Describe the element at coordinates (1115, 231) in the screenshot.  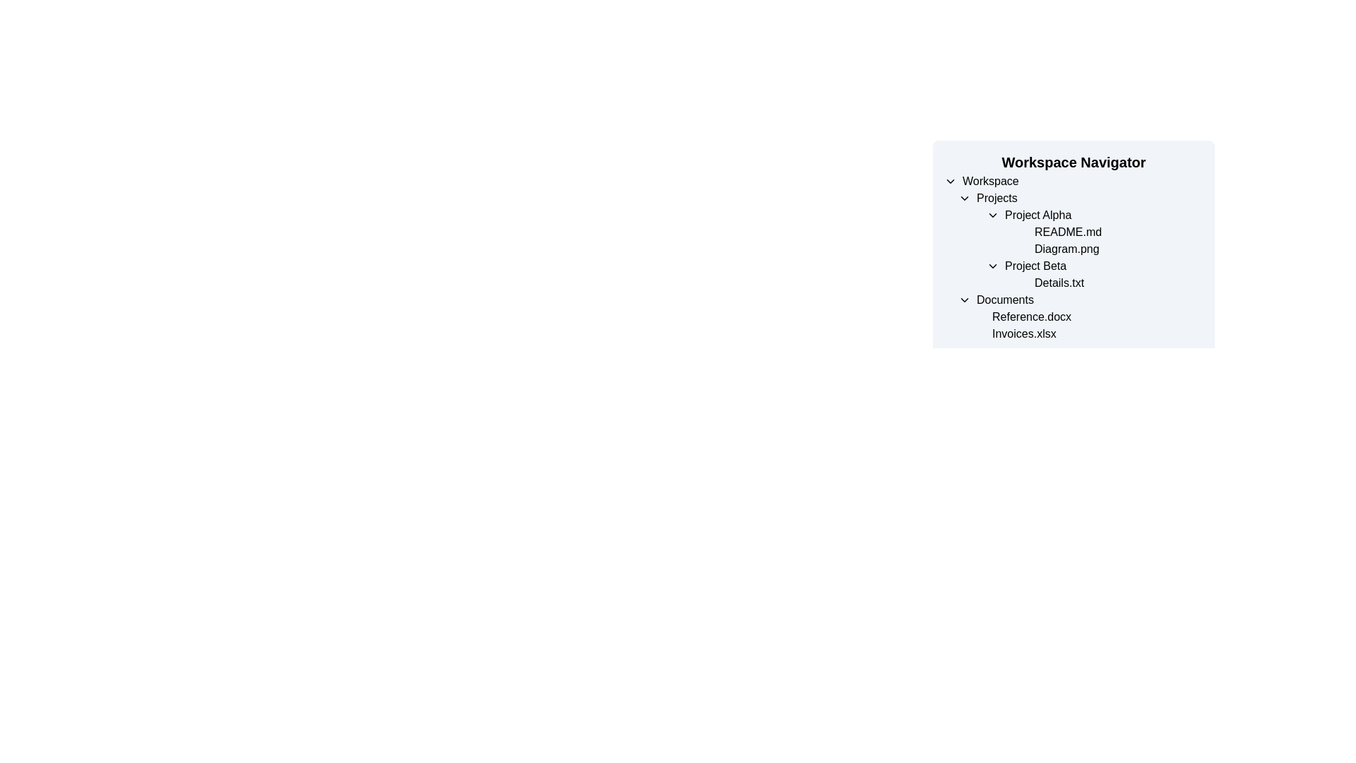
I see `the 'README.md' file in the 'Project Alpha' section of the 'Workspace Navigator' by left-clicking on it` at that location.